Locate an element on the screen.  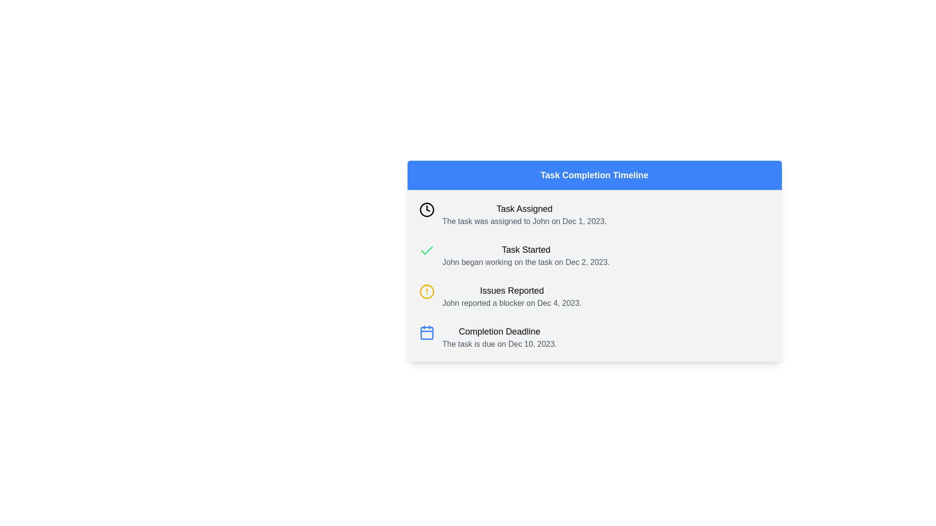
the blue-outlined calendar icon with a white background located at the far left of the 'Completion Deadline' section is located at coordinates (427, 332).